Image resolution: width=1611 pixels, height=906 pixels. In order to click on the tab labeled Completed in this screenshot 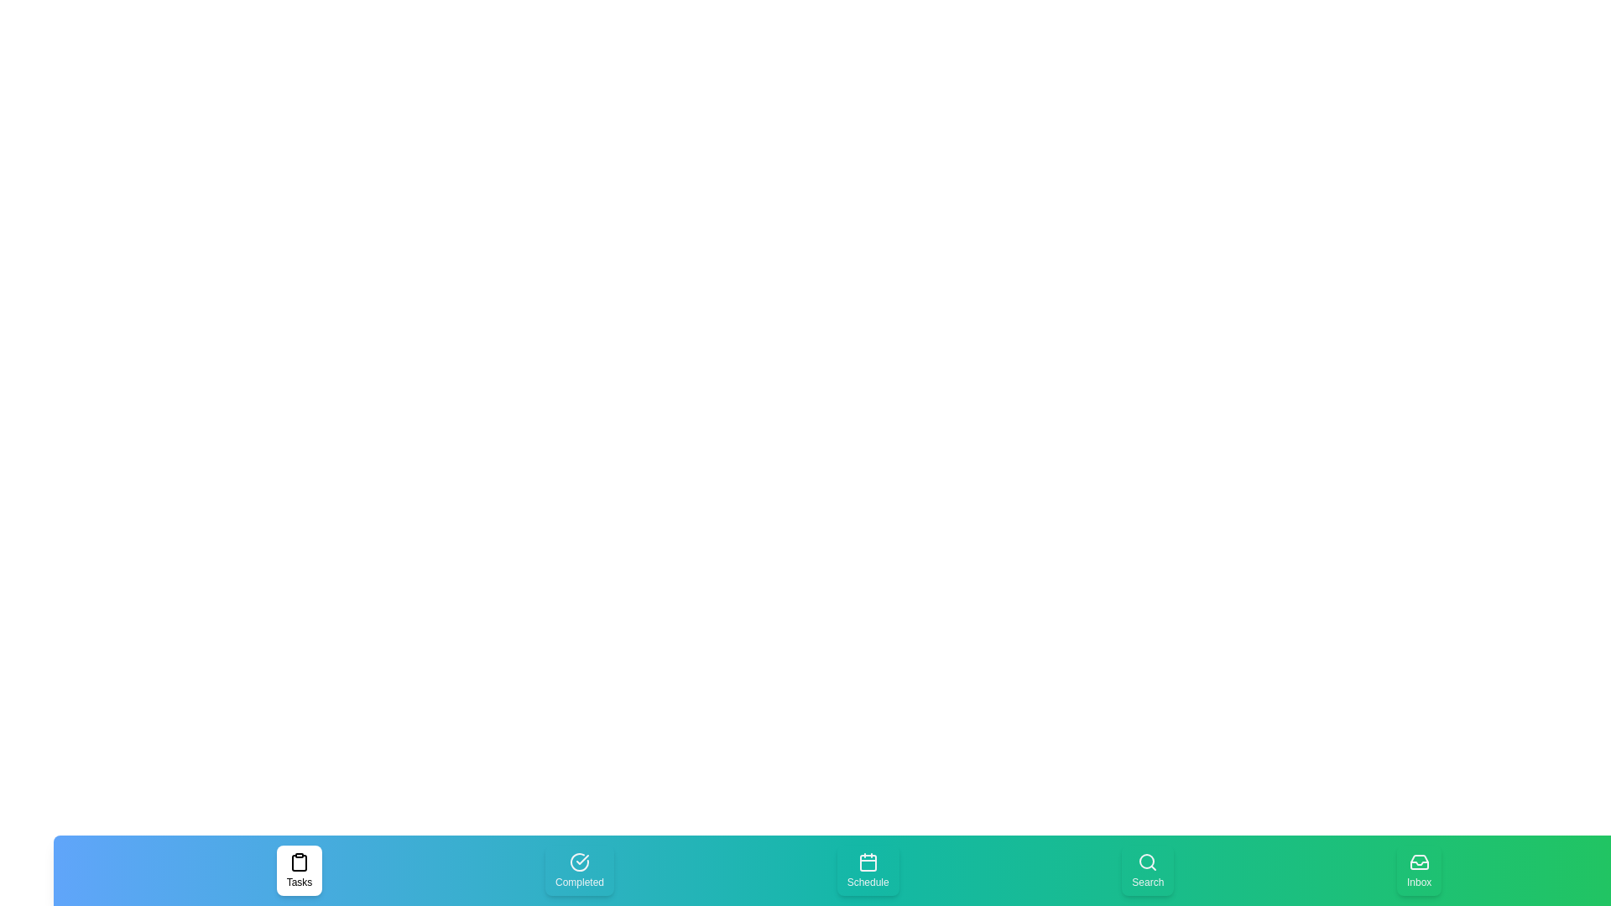, I will do `click(580, 869)`.